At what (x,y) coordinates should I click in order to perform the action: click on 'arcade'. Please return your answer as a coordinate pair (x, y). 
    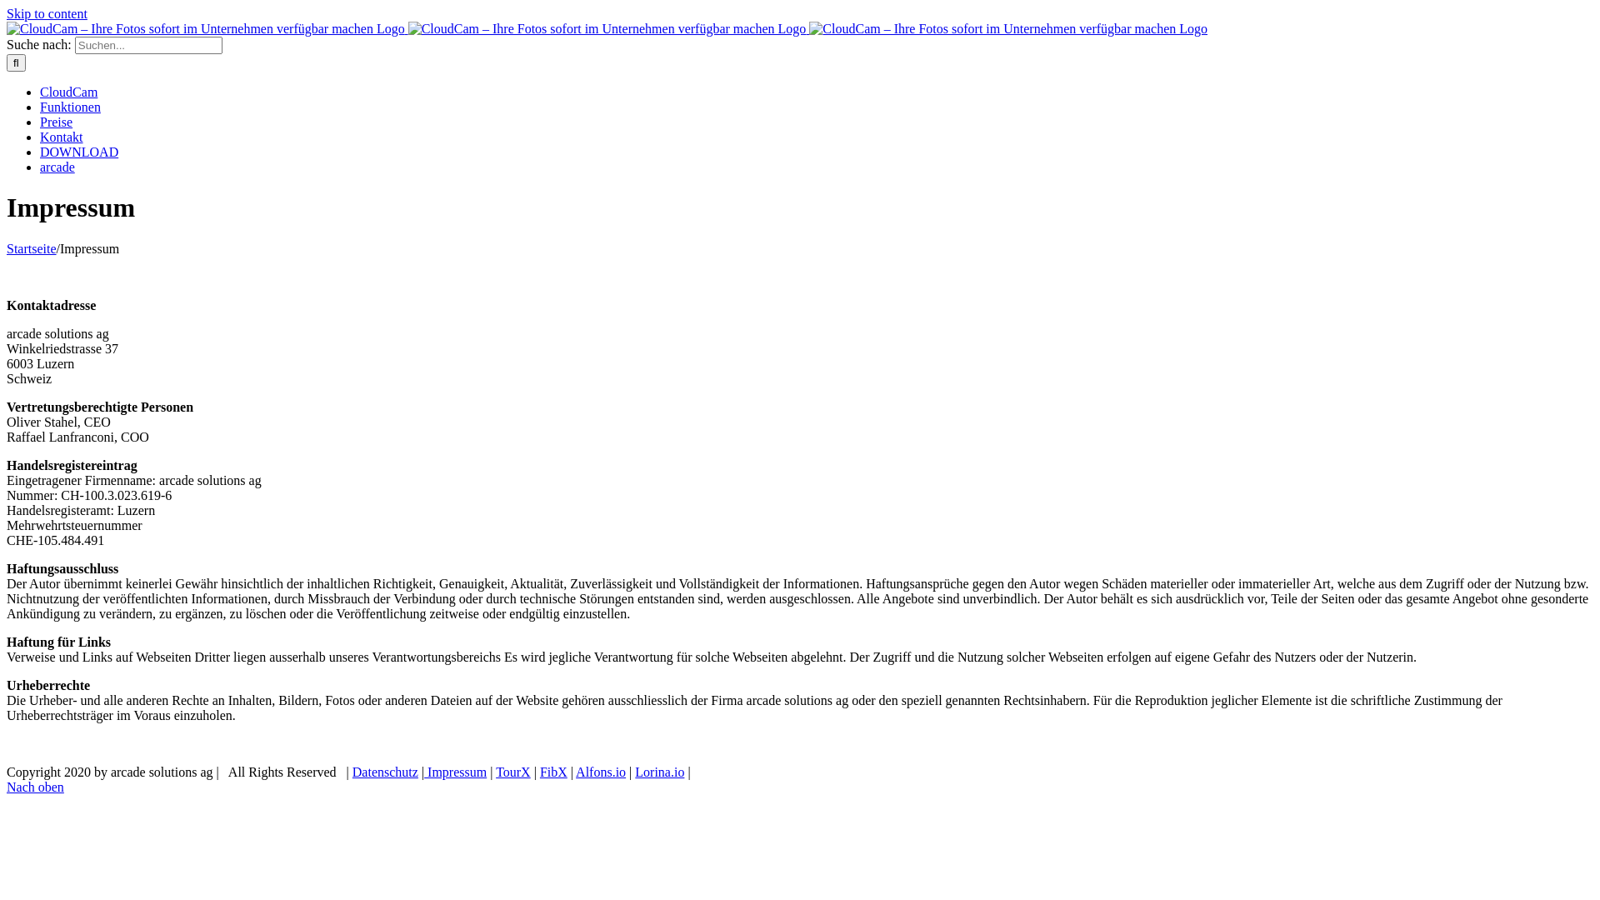
    Looking at the image, I should click on (57, 167).